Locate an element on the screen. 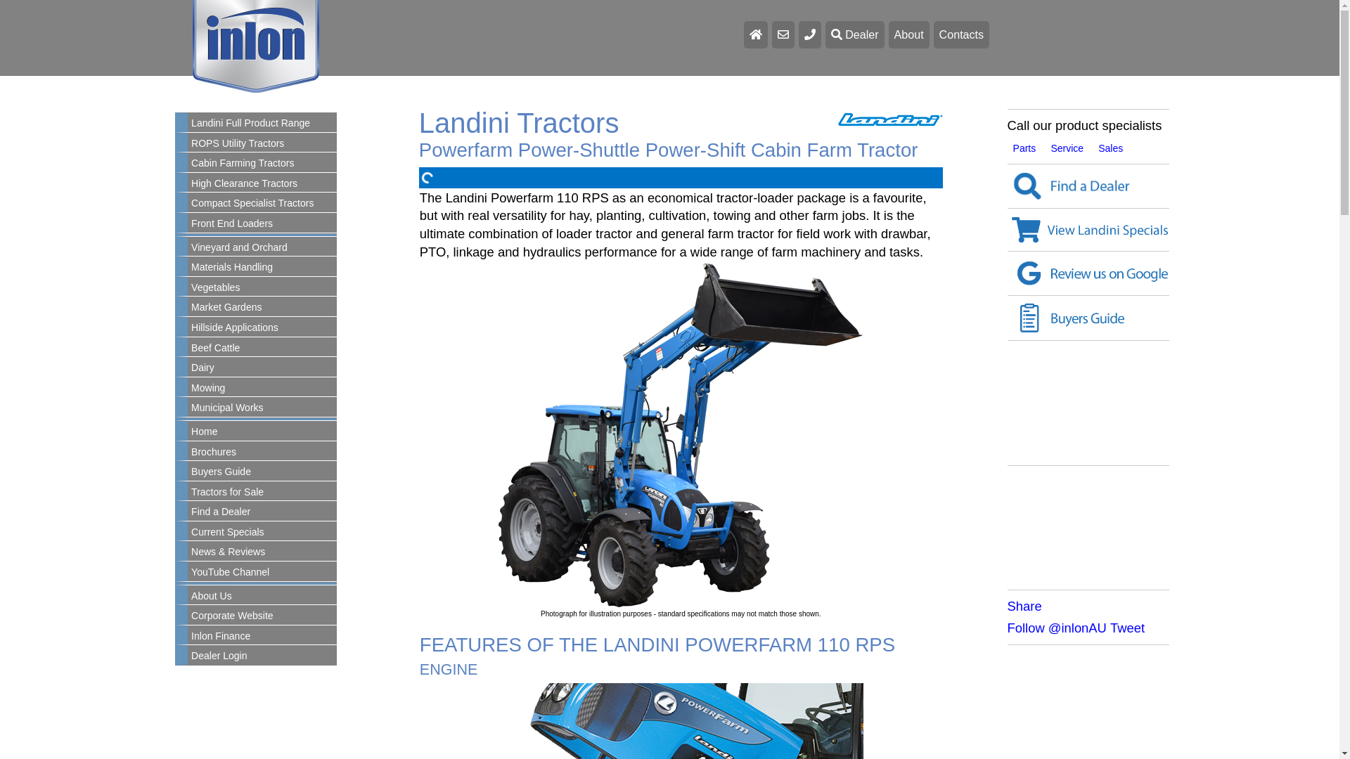  'YouTube Channel' is located at coordinates (262, 572).